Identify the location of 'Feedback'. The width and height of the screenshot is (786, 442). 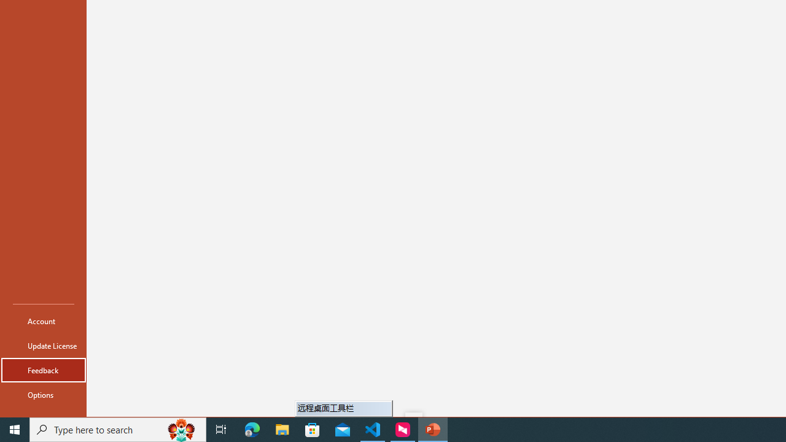
(44, 370).